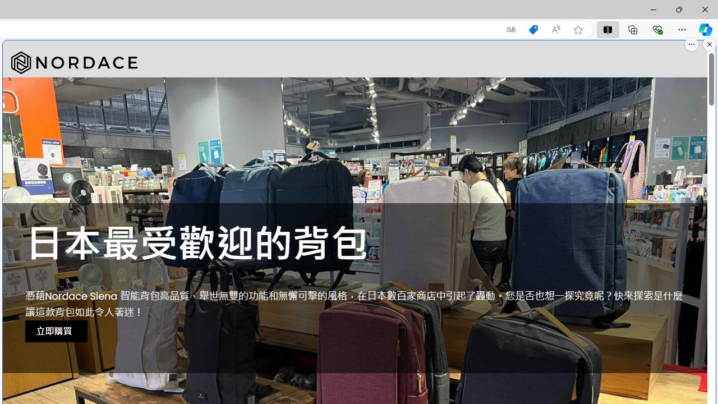  What do you see at coordinates (705, 29) in the screenshot?
I see `'Copilot (Ctrl+Shift+.)'` at bounding box center [705, 29].